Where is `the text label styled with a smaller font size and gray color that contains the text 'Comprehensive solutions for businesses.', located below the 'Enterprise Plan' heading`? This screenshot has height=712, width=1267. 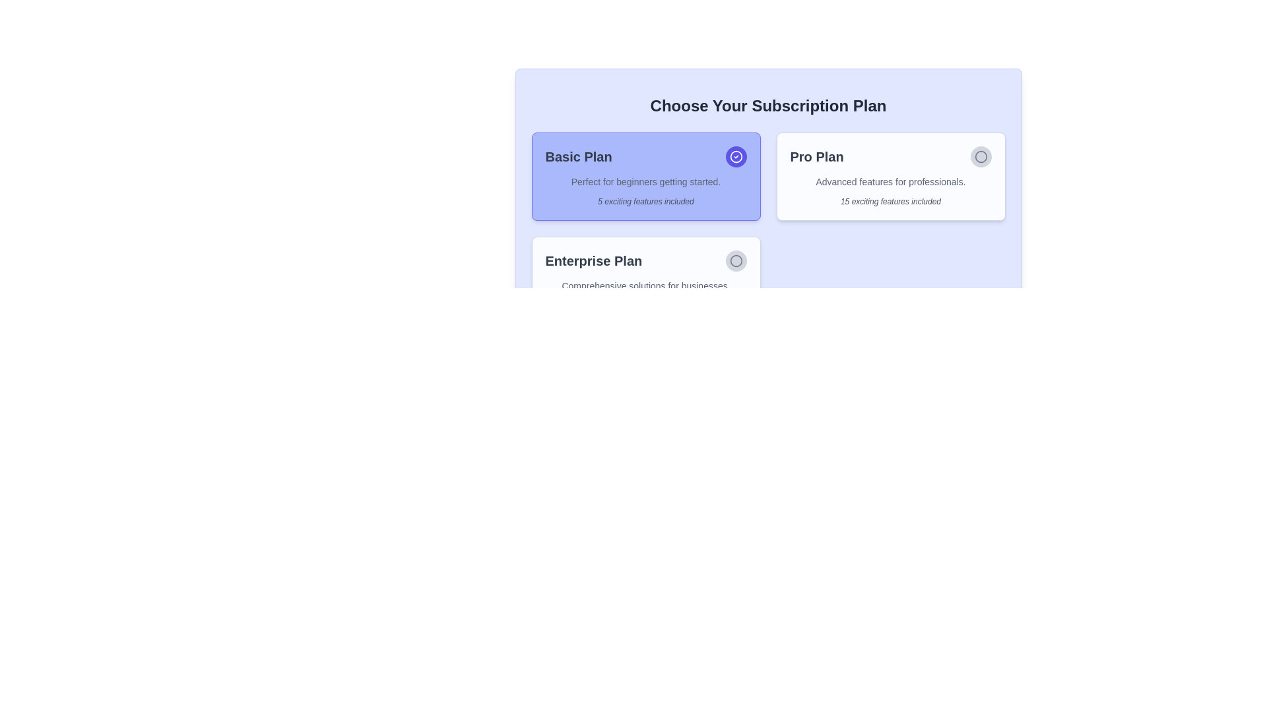
the text label styled with a smaller font size and gray color that contains the text 'Comprehensive solutions for businesses.', located below the 'Enterprise Plan' heading is located at coordinates (646, 285).